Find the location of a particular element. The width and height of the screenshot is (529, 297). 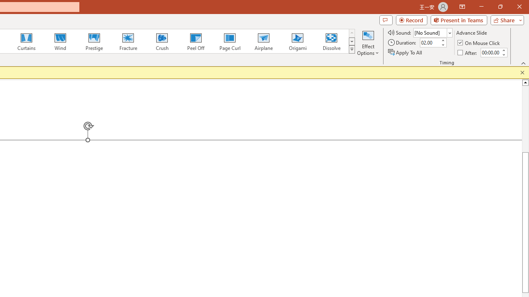

'Close this message' is located at coordinates (522, 72).